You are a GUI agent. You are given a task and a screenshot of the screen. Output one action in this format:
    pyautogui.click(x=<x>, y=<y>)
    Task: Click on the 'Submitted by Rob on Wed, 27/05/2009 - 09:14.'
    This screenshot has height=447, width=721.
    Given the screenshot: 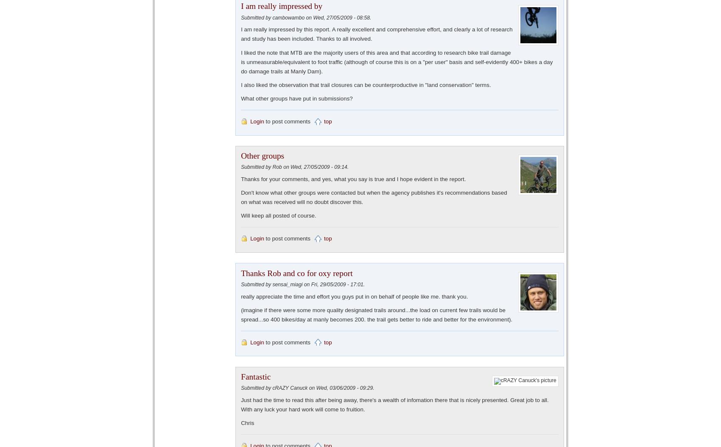 What is the action you would take?
    pyautogui.click(x=294, y=166)
    